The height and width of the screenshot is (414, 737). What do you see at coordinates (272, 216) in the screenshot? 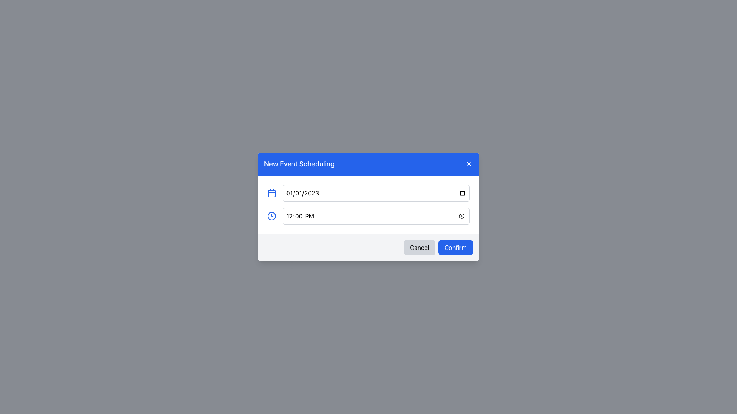
I see `the clock icon, which visually represents the time input field in the 'New Event Scheduling' dialog box, located to the left of the time input field` at bounding box center [272, 216].